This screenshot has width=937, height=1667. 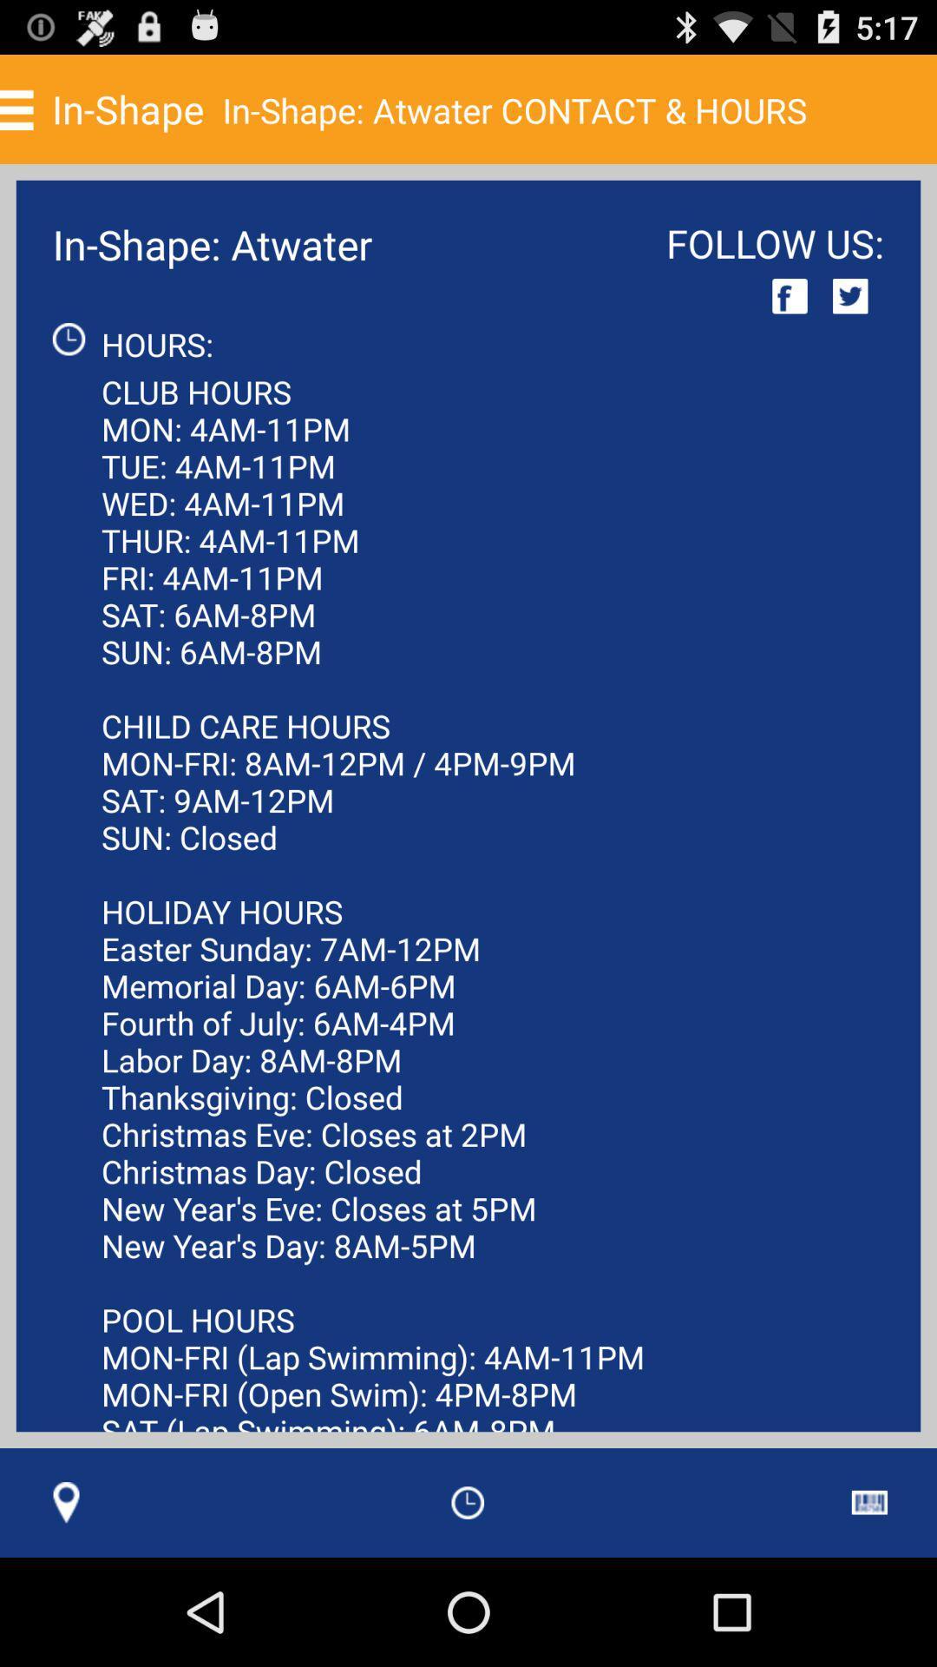 I want to click on the app below the club hours mon app, so click(x=467, y=1502).